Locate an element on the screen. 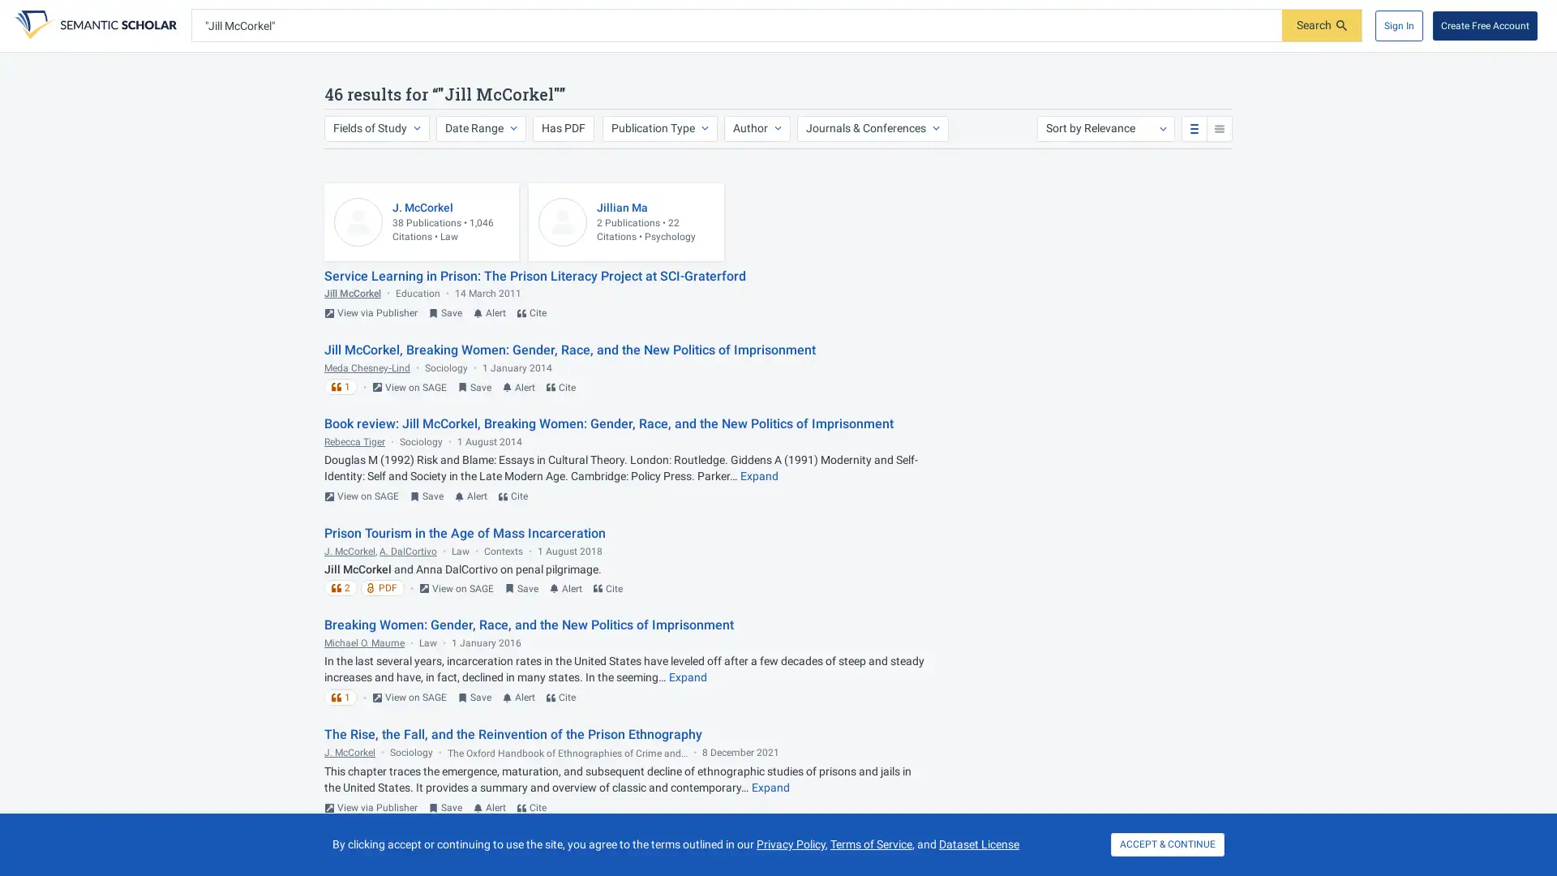 Image resolution: width=1557 pixels, height=876 pixels. Turn on email alert for this paper is located at coordinates (517, 697).